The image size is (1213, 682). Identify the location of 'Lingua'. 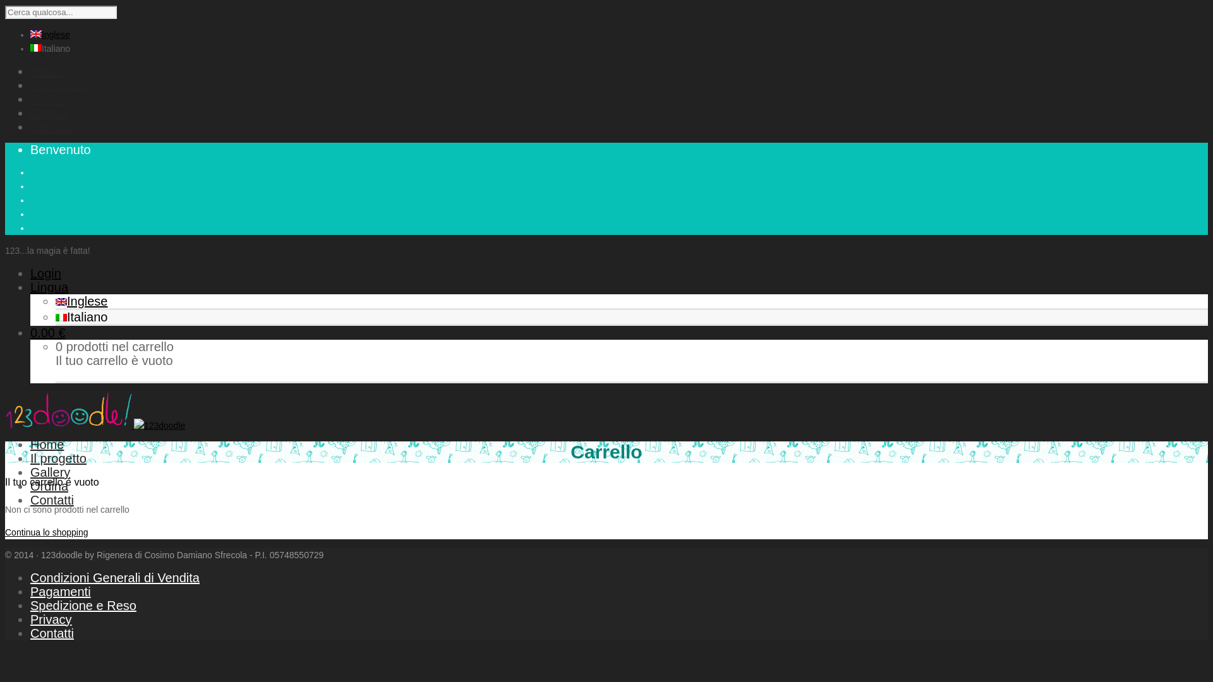
(30, 287).